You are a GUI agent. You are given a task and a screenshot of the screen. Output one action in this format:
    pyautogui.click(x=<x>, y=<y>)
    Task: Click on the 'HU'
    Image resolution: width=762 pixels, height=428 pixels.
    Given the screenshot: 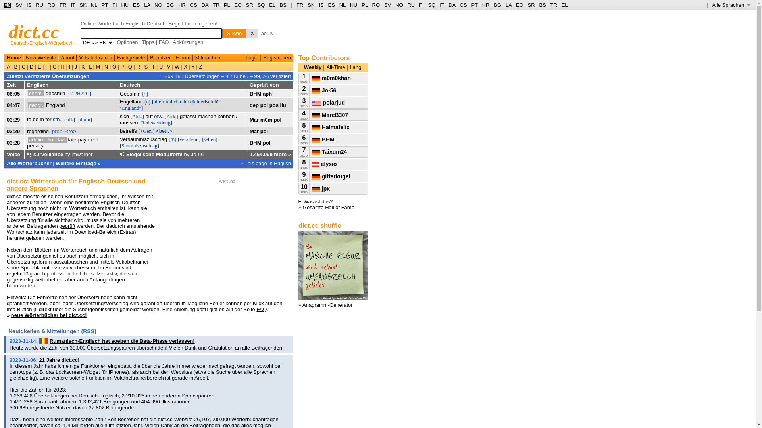 What is the action you would take?
    pyautogui.click(x=353, y=5)
    